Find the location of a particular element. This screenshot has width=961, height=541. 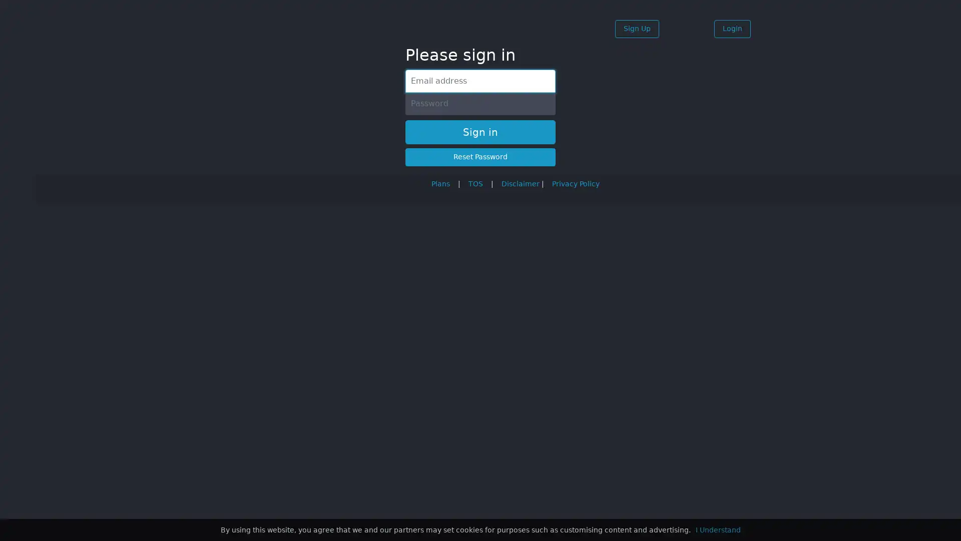

Reset Password is located at coordinates (480, 157).